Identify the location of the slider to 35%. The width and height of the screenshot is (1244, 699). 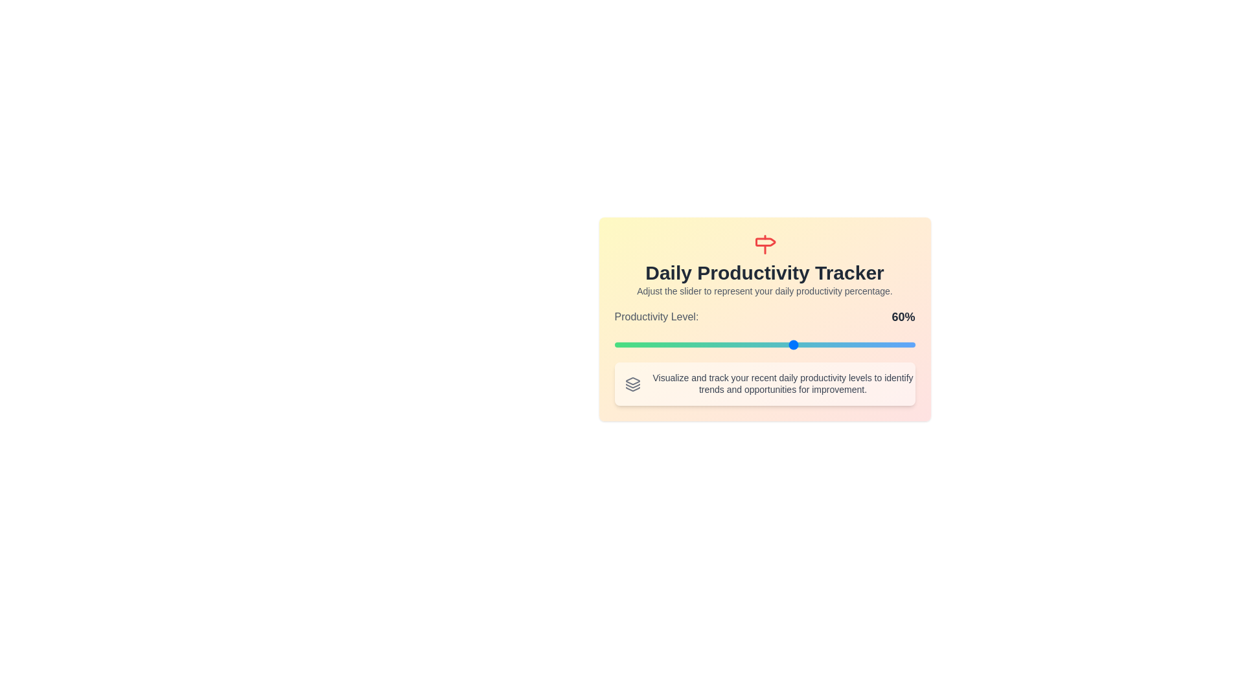
(719, 344).